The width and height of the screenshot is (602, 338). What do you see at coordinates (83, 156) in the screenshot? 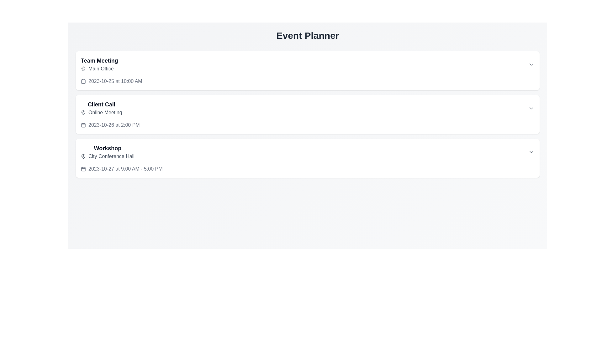
I see `the map pin icon located to the left of the 'City Conference Hall' text in the 'Workshop' section of the events list` at bounding box center [83, 156].